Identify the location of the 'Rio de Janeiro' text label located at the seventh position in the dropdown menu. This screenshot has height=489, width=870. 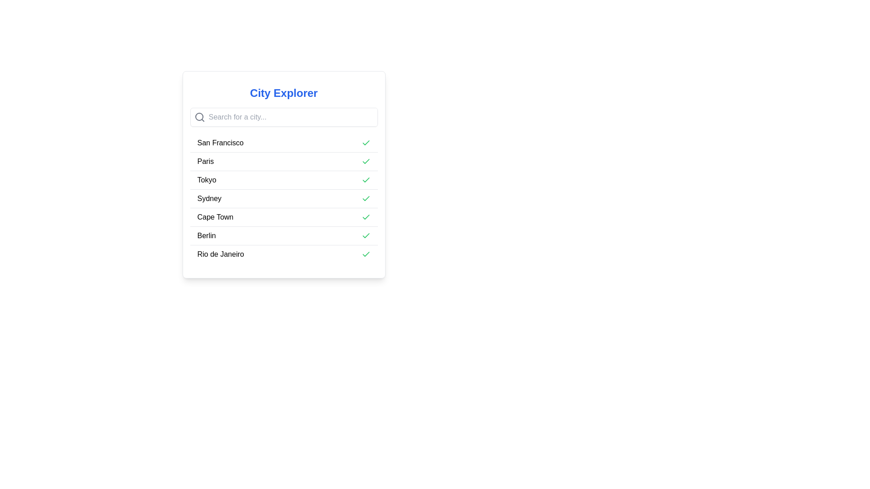
(221, 254).